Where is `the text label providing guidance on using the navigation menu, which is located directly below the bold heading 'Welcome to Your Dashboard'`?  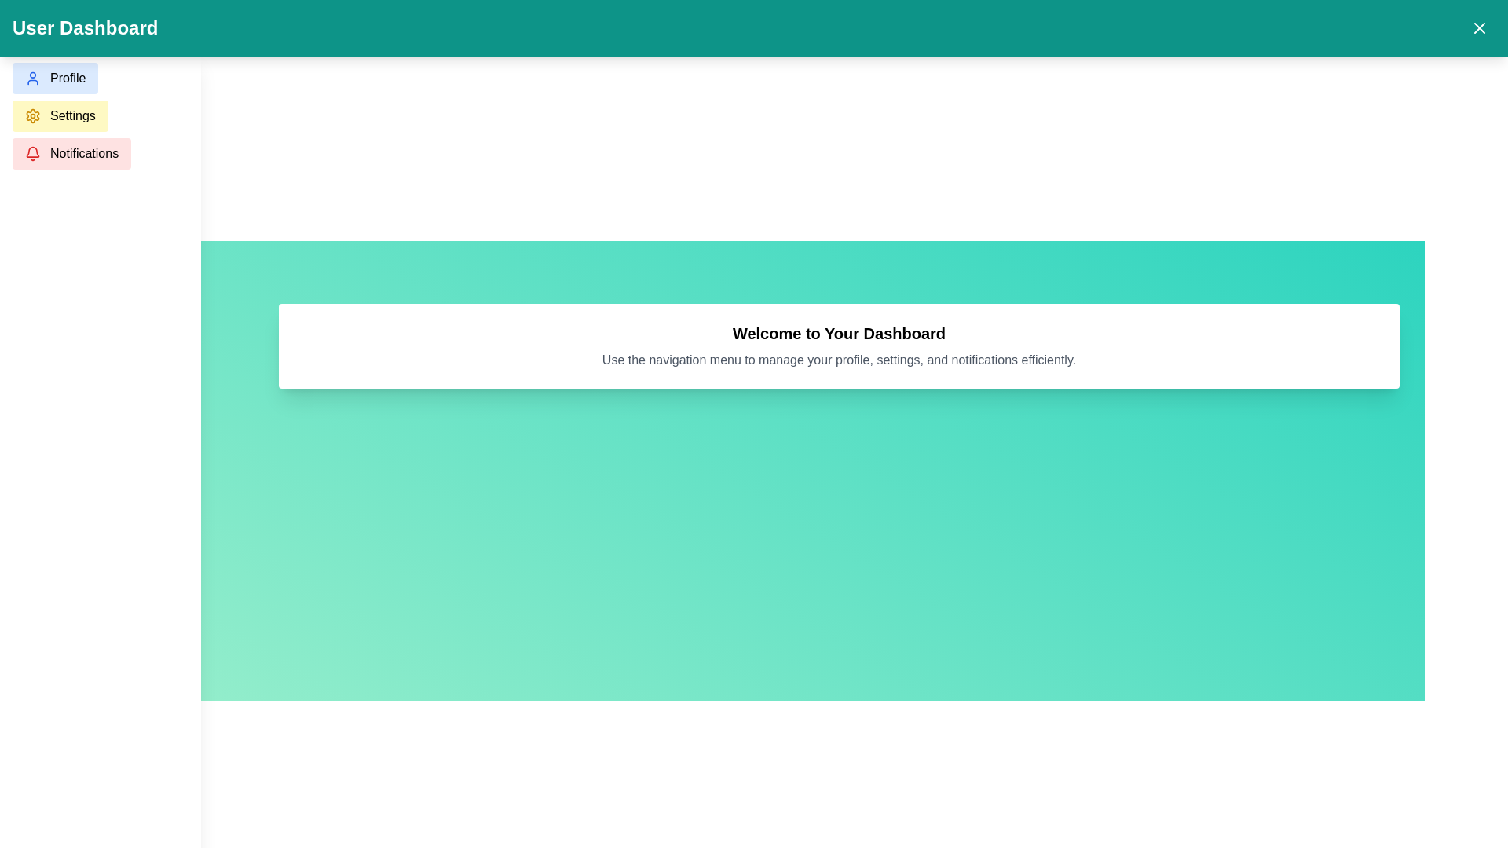
the text label providing guidance on using the navigation menu, which is located directly below the bold heading 'Welcome to Your Dashboard' is located at coordinates (838, 360).